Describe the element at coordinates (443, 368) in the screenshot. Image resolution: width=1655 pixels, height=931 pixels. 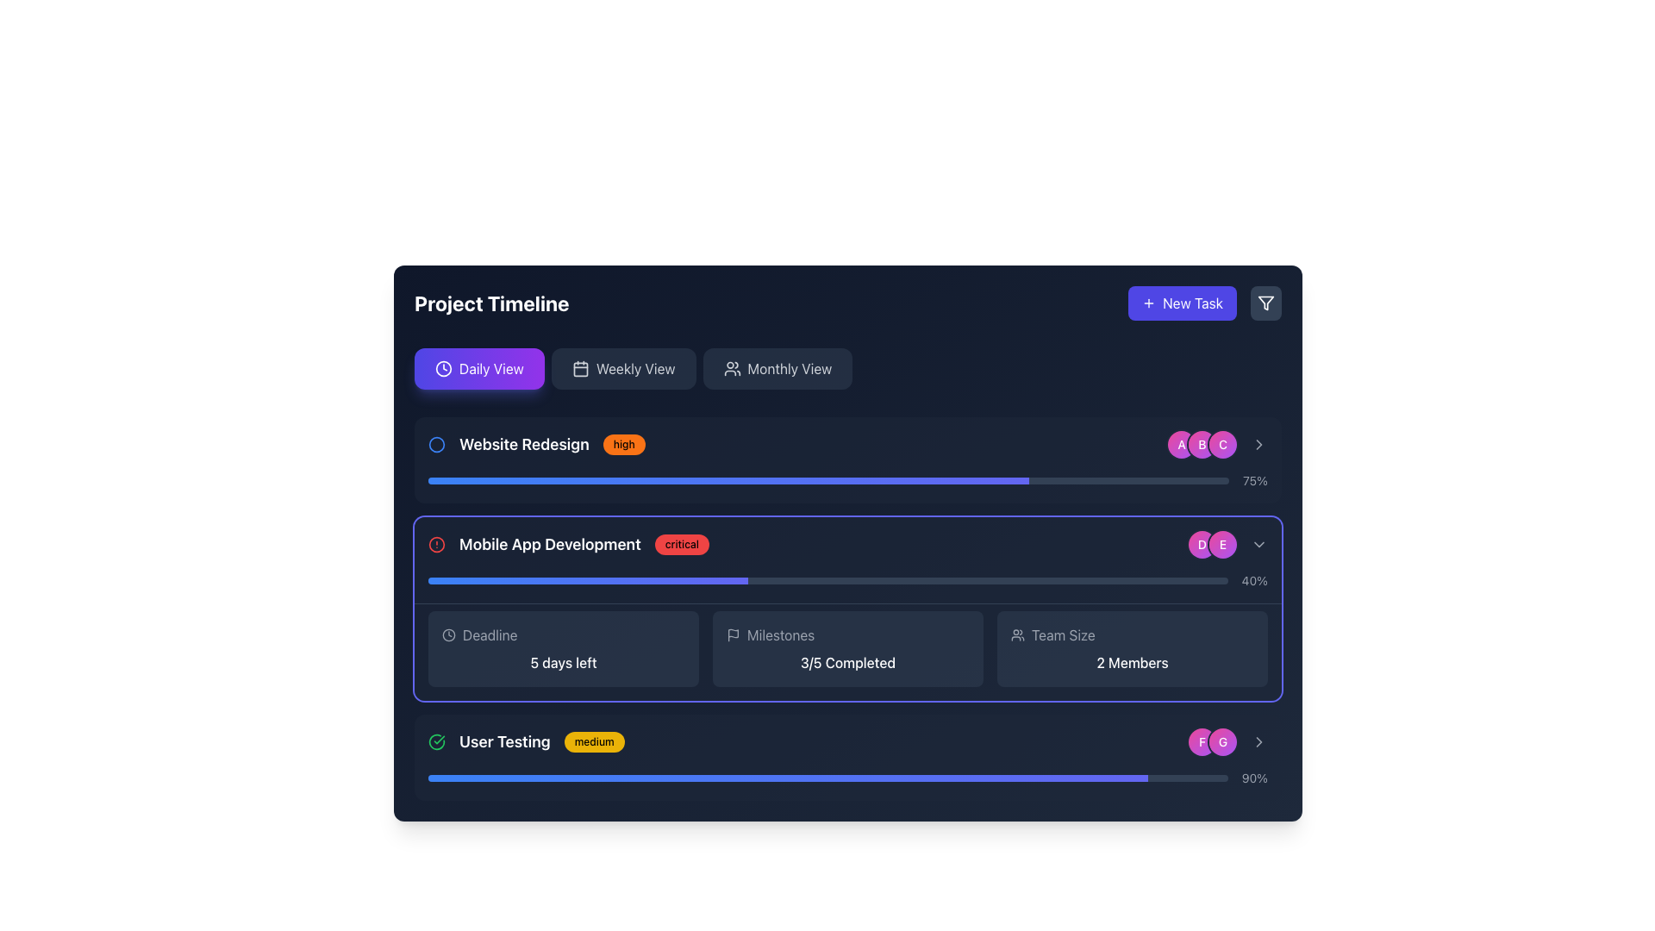
I see `the circular clock icon to the left of the 'Daily View' text` at that location.